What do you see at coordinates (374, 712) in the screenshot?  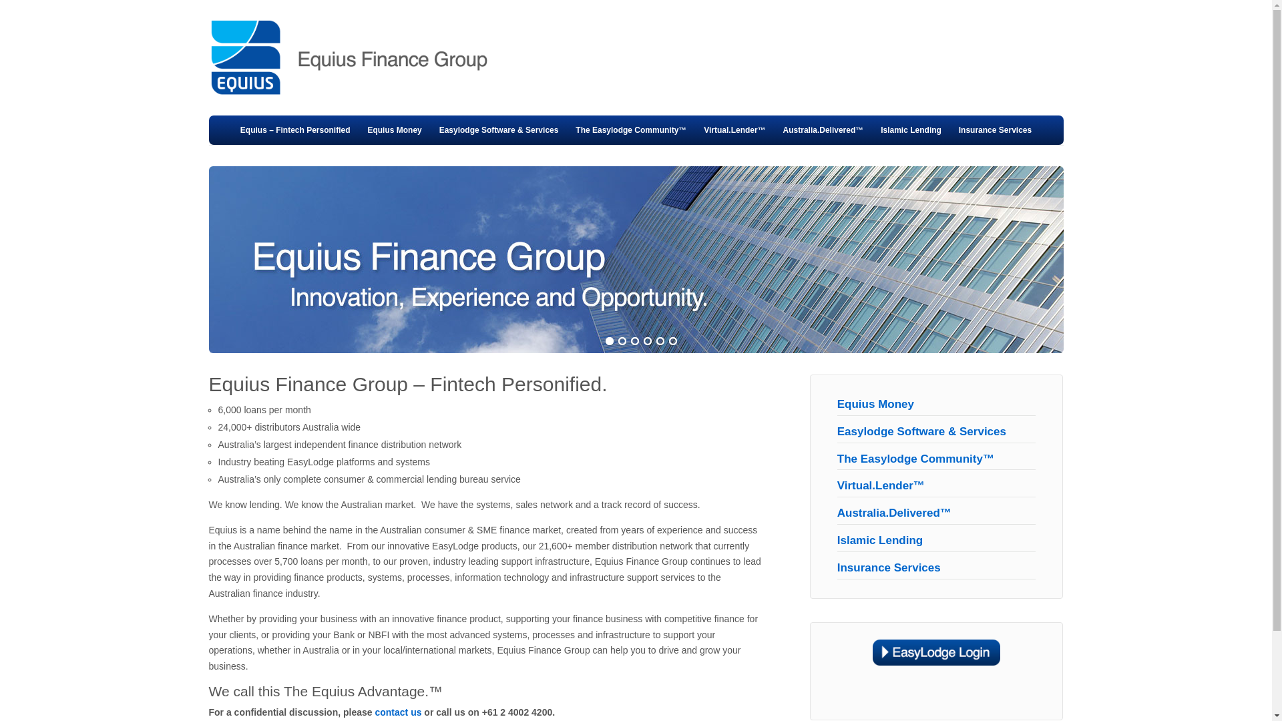 I see `'contact us'` at bounding box center [374, 712].